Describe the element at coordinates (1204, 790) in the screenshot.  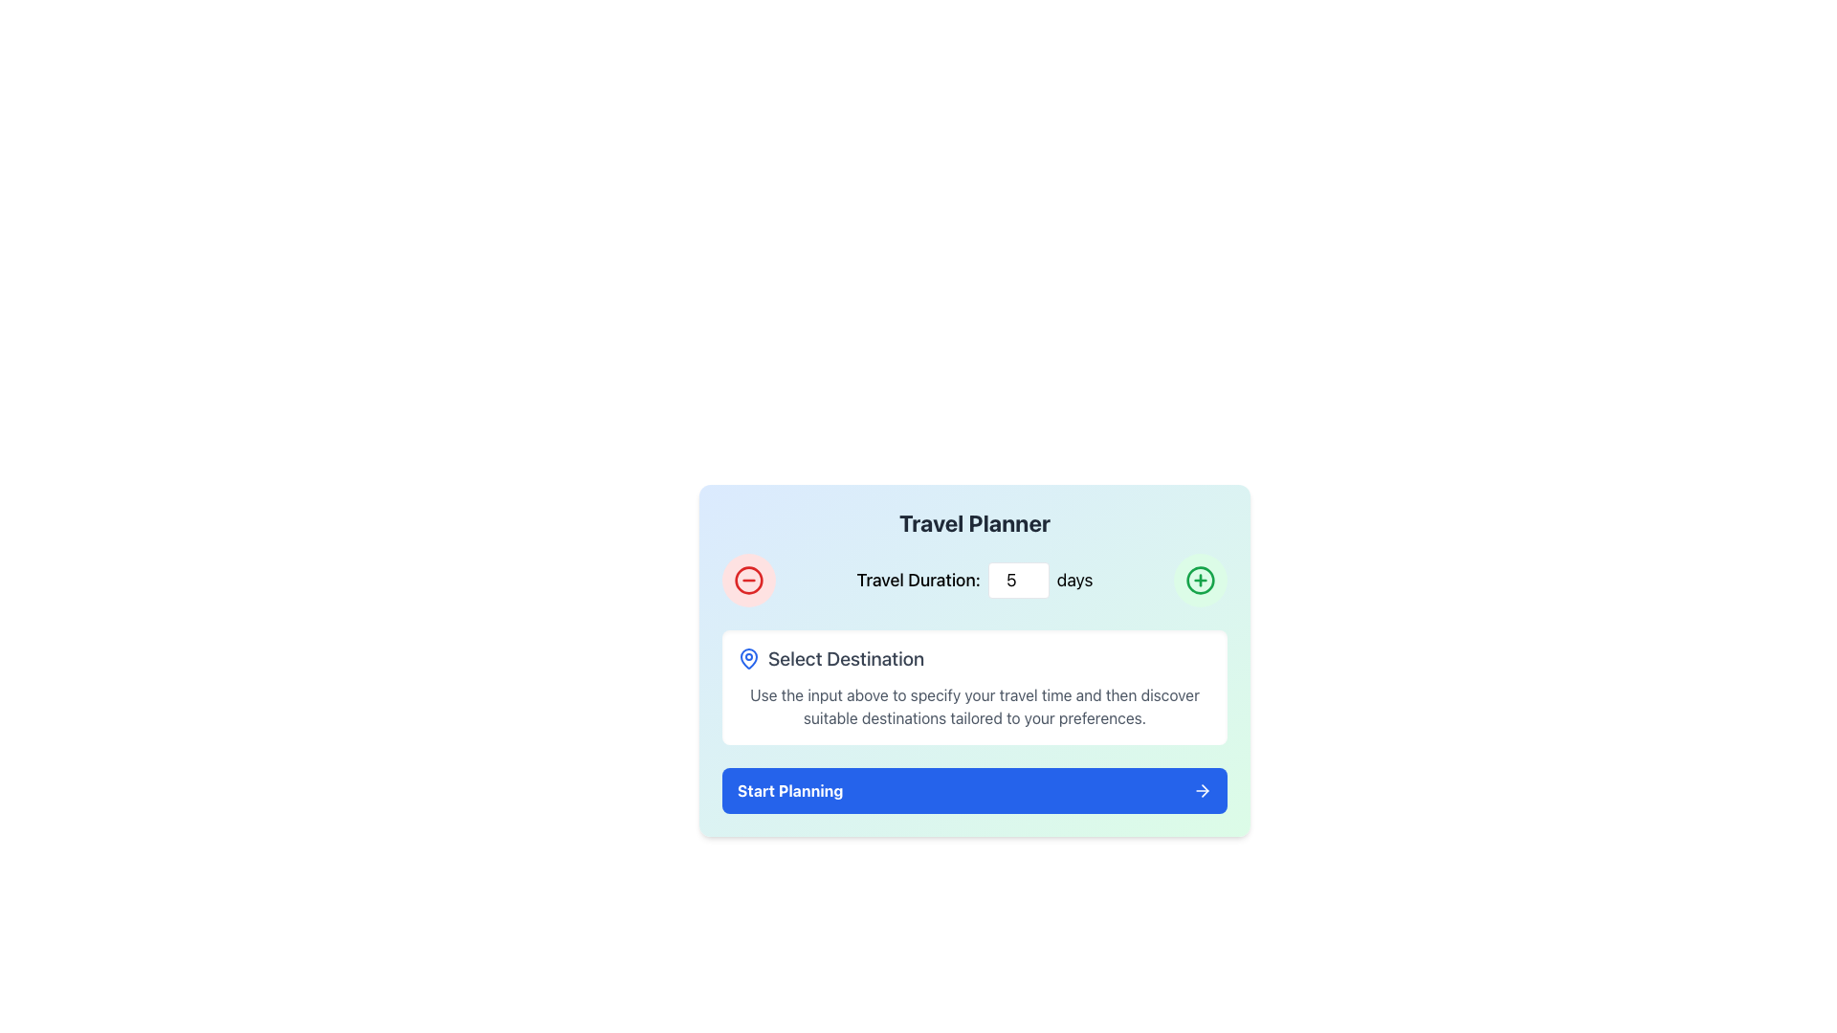
I see `the decorative icon indicating forward progress at the end of the 'Start Planning' button` at that location.